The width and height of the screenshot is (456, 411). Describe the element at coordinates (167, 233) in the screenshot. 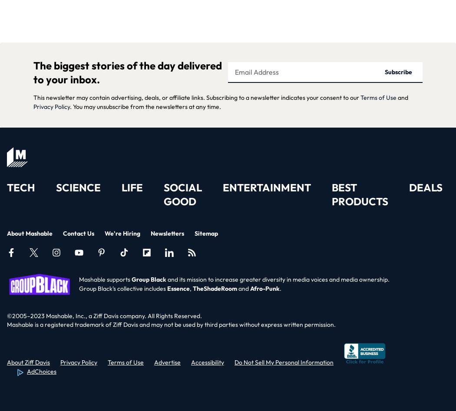

I see `'Newsletters'` at that location.